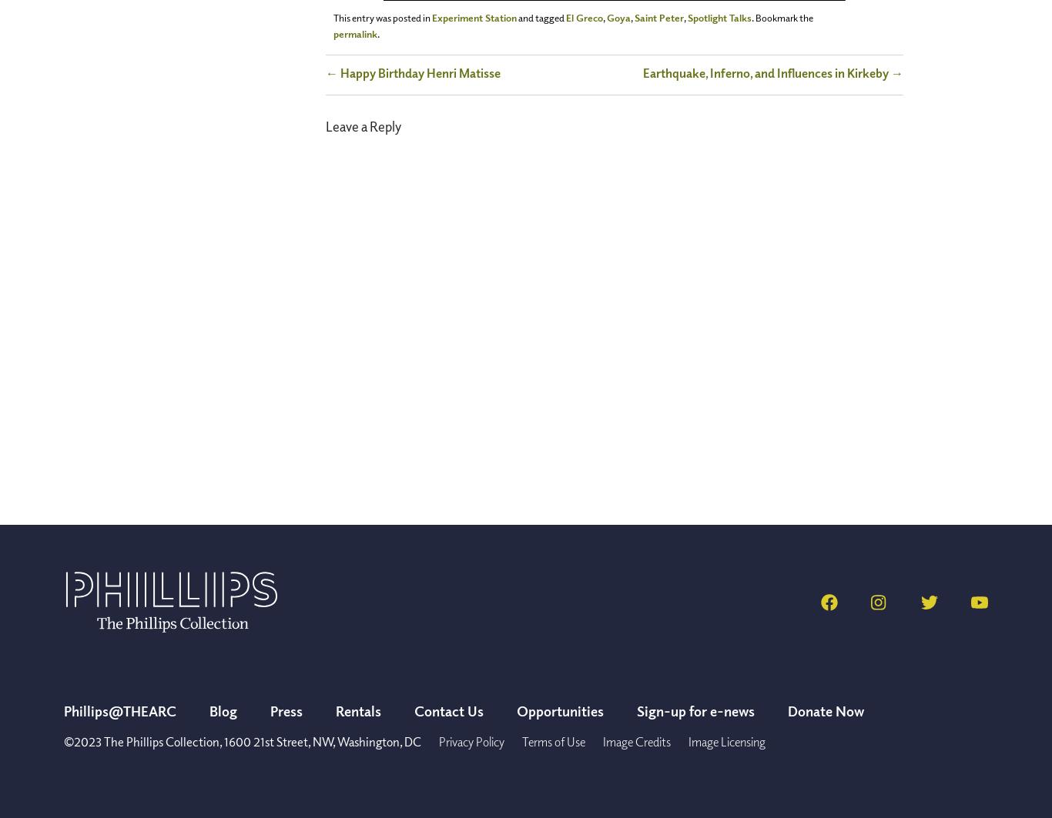 Image resolution: width=1052 pixels, height=818 pixels. Describe the element at coordinates (367, 72) in the screenshot. I see `'Post navigation'` at that location.